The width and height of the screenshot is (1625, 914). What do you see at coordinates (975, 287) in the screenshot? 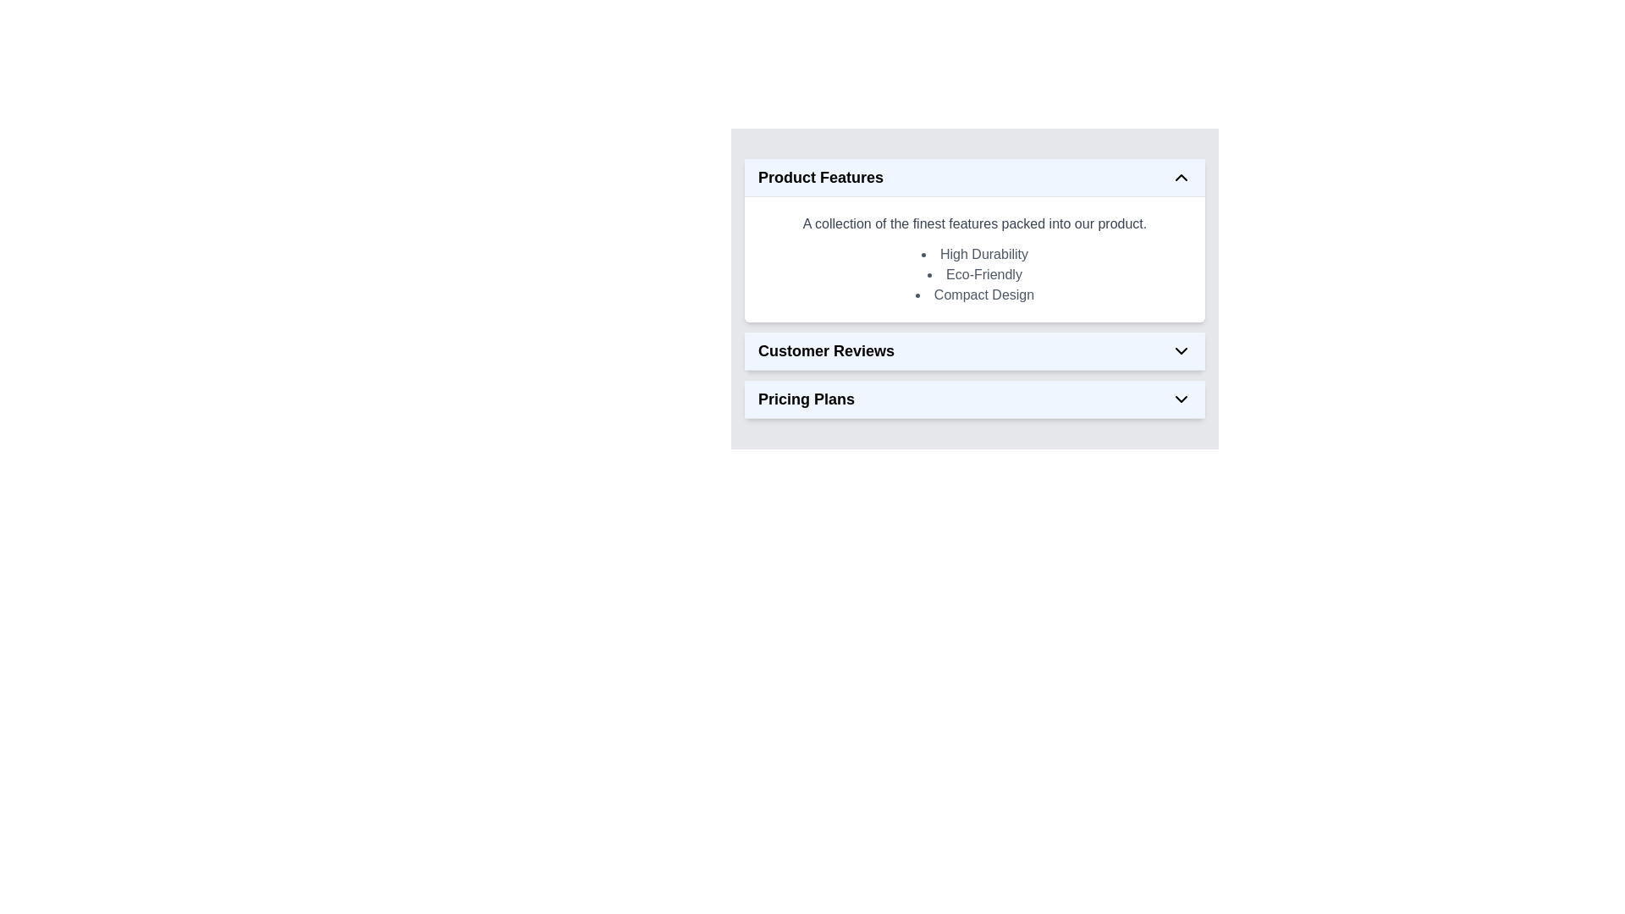
I see `text content in the Information display section located at the top of the list of sections, above 'Customer Reviews' and 'Pricing Plans'` at bounding box center [975, 287].